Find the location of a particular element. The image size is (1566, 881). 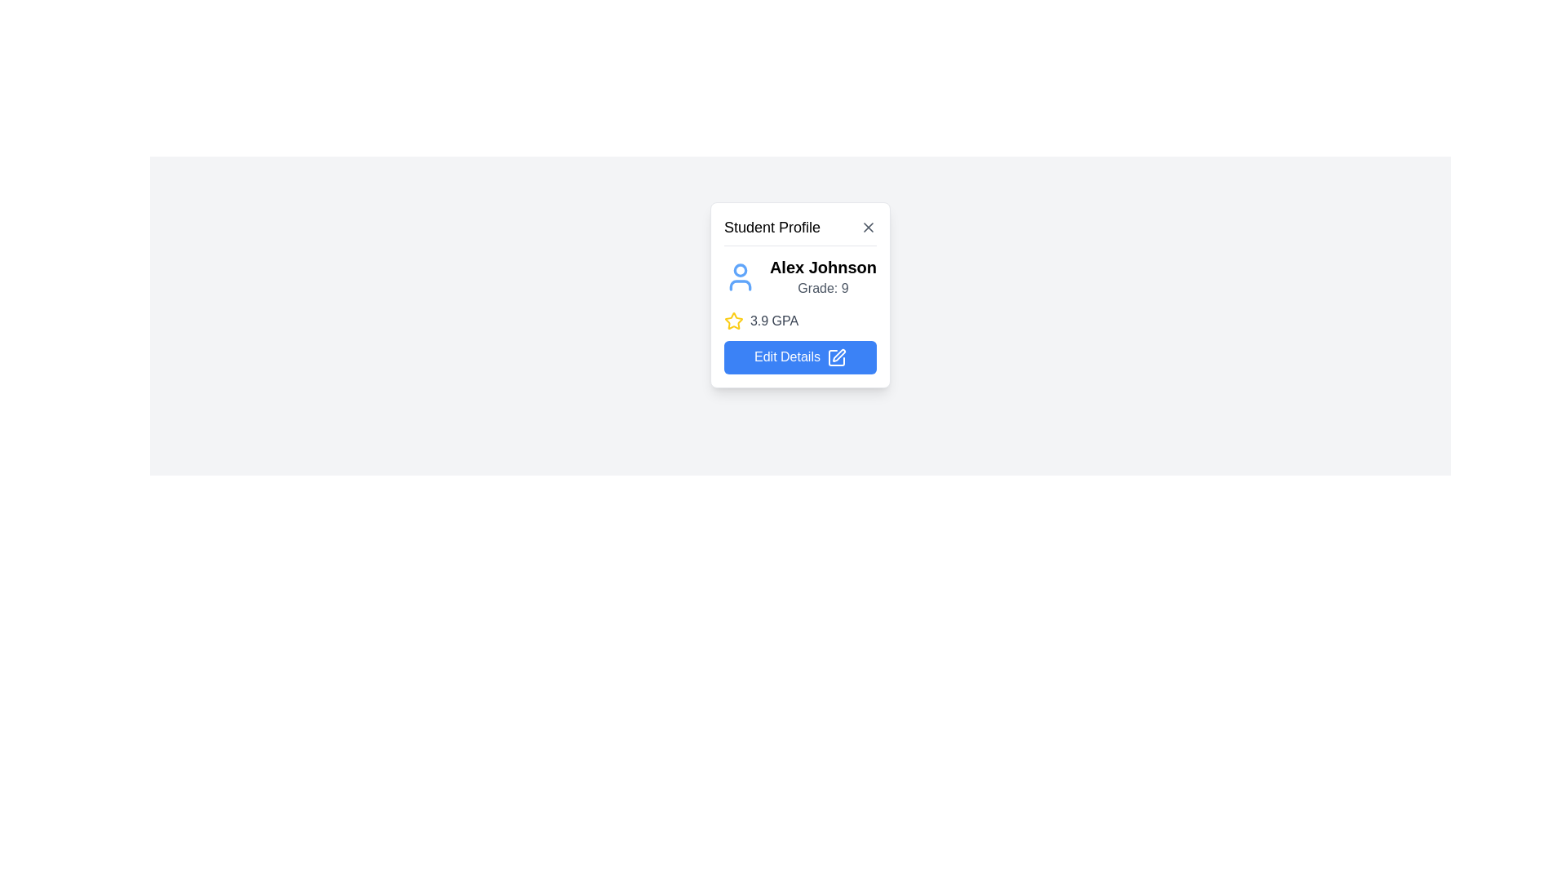

the user representation icon located at the top-left corner of the 'Student Profile' card, next to the name 'Alex Johnson' is located at coordinates (739, 276).